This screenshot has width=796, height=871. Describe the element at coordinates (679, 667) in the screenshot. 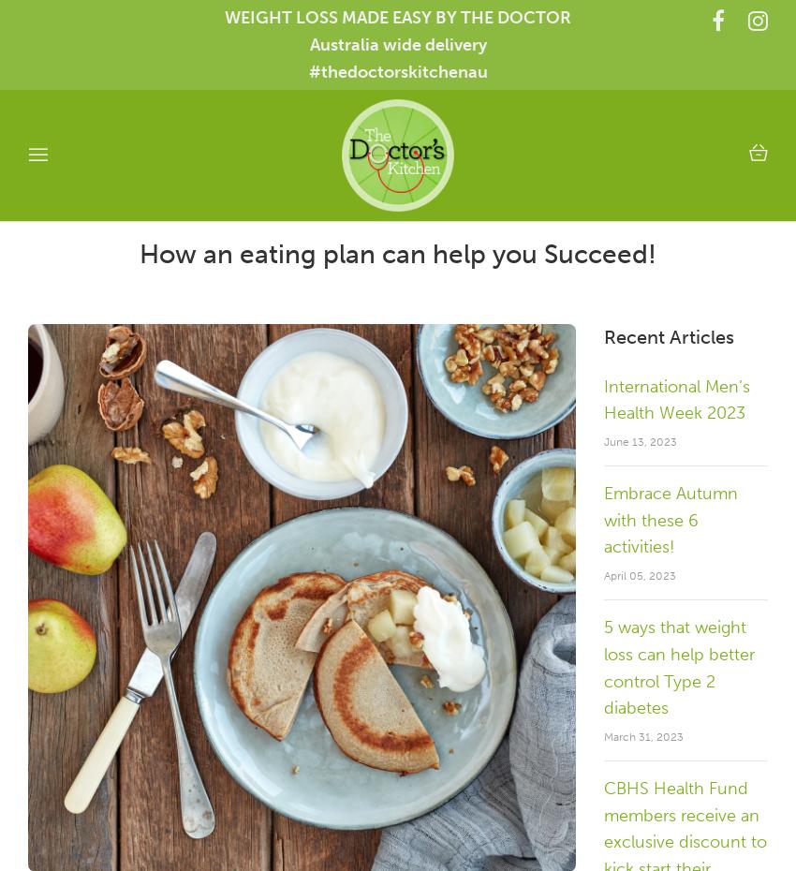

I see `'5 ways that weight loss can help better control Type 2 diabetes'` at that location.